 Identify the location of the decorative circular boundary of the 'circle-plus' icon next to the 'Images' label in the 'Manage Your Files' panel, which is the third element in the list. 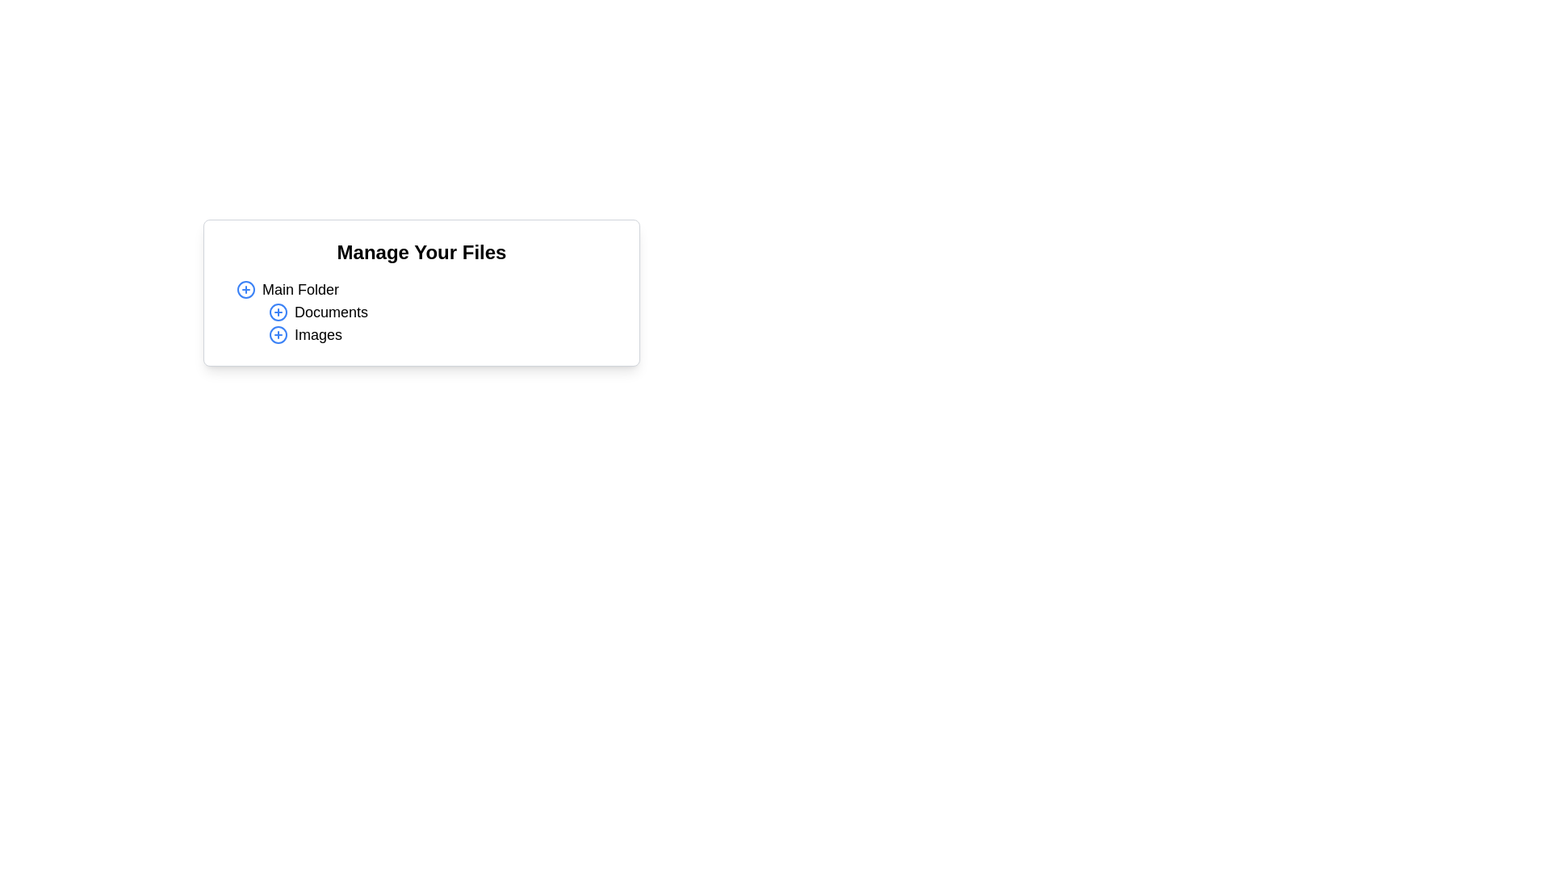
(279, 334).